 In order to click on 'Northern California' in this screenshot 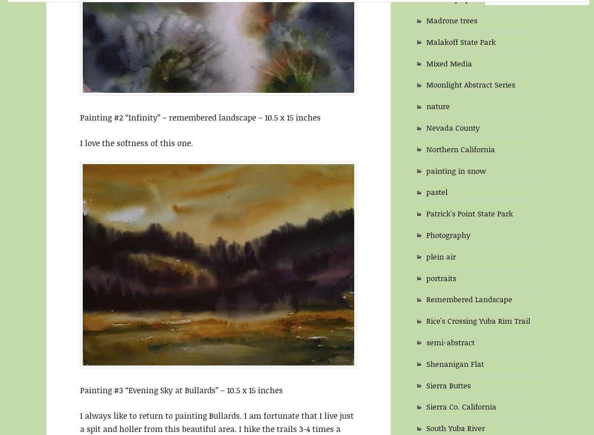, I will do `click(461, 148)`.